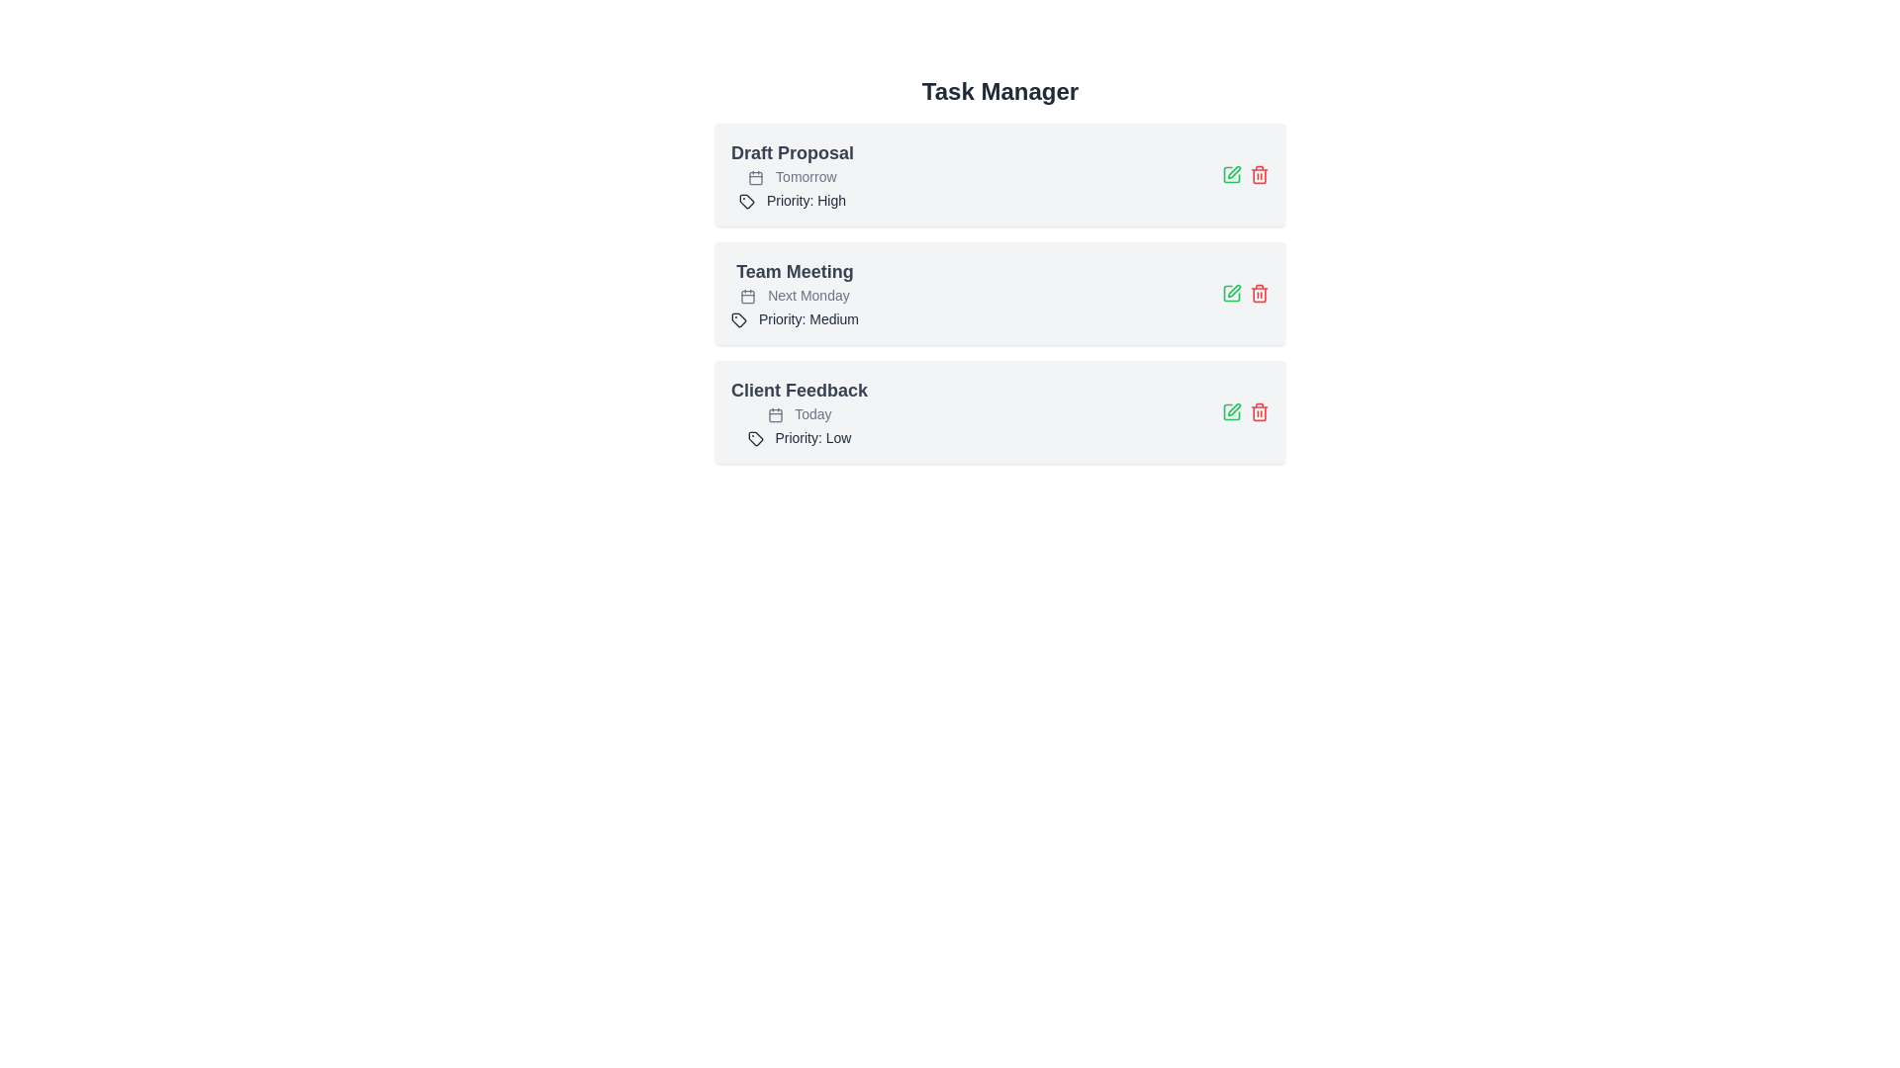  What do you see at coordinates (793, 175) in the screenshot?
I see `the text label displaying 'Tomorrow' in a small, gray font, located within the first task card titled 'Draft Proposal', to the right of a calendar icon` at bounding box center [793, 175].